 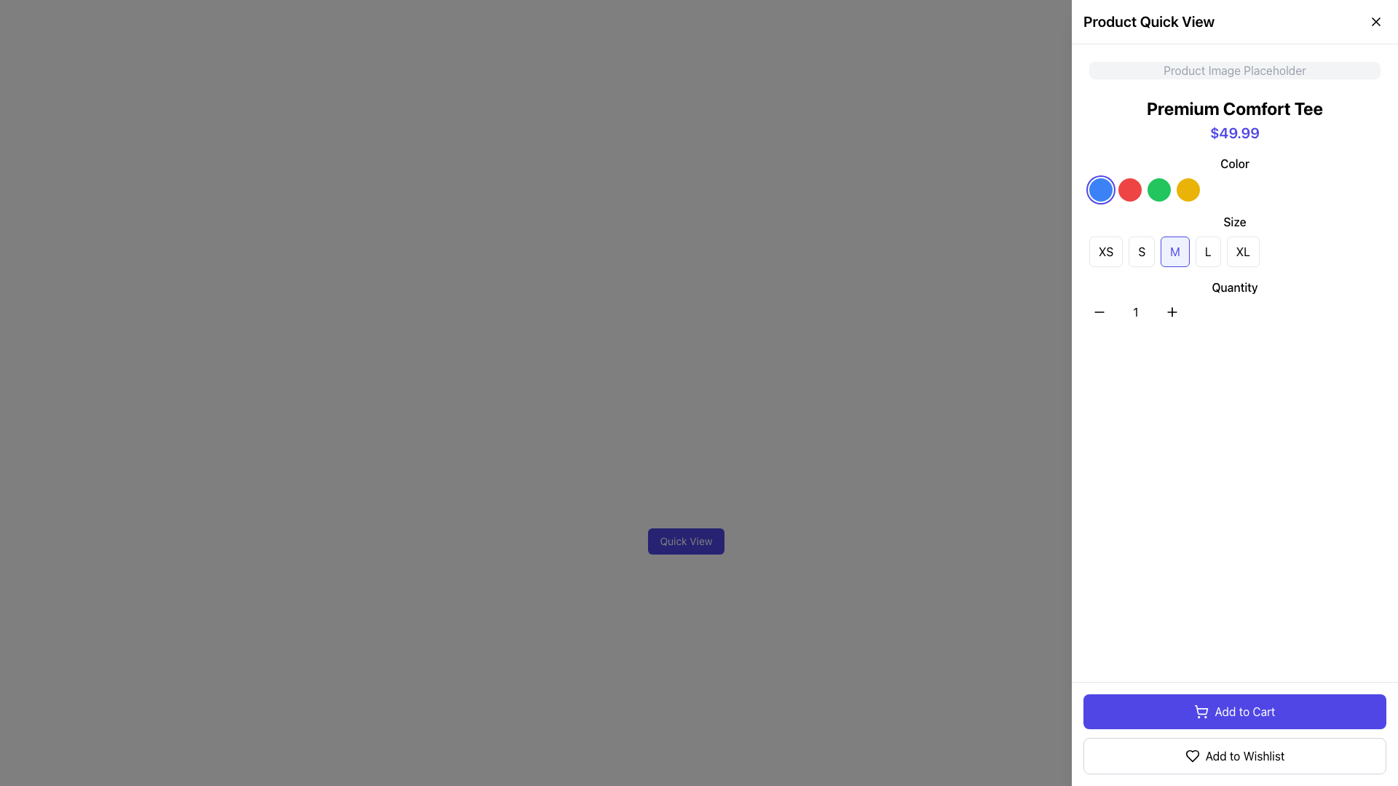 What do you see at coordinates (1201, 709) in the screenshot?
I see `the 'Add to Cart' button which contains the icon for adding items to the shopping cart, located at the bottom of the interface` at bounding box center [1201, 709].